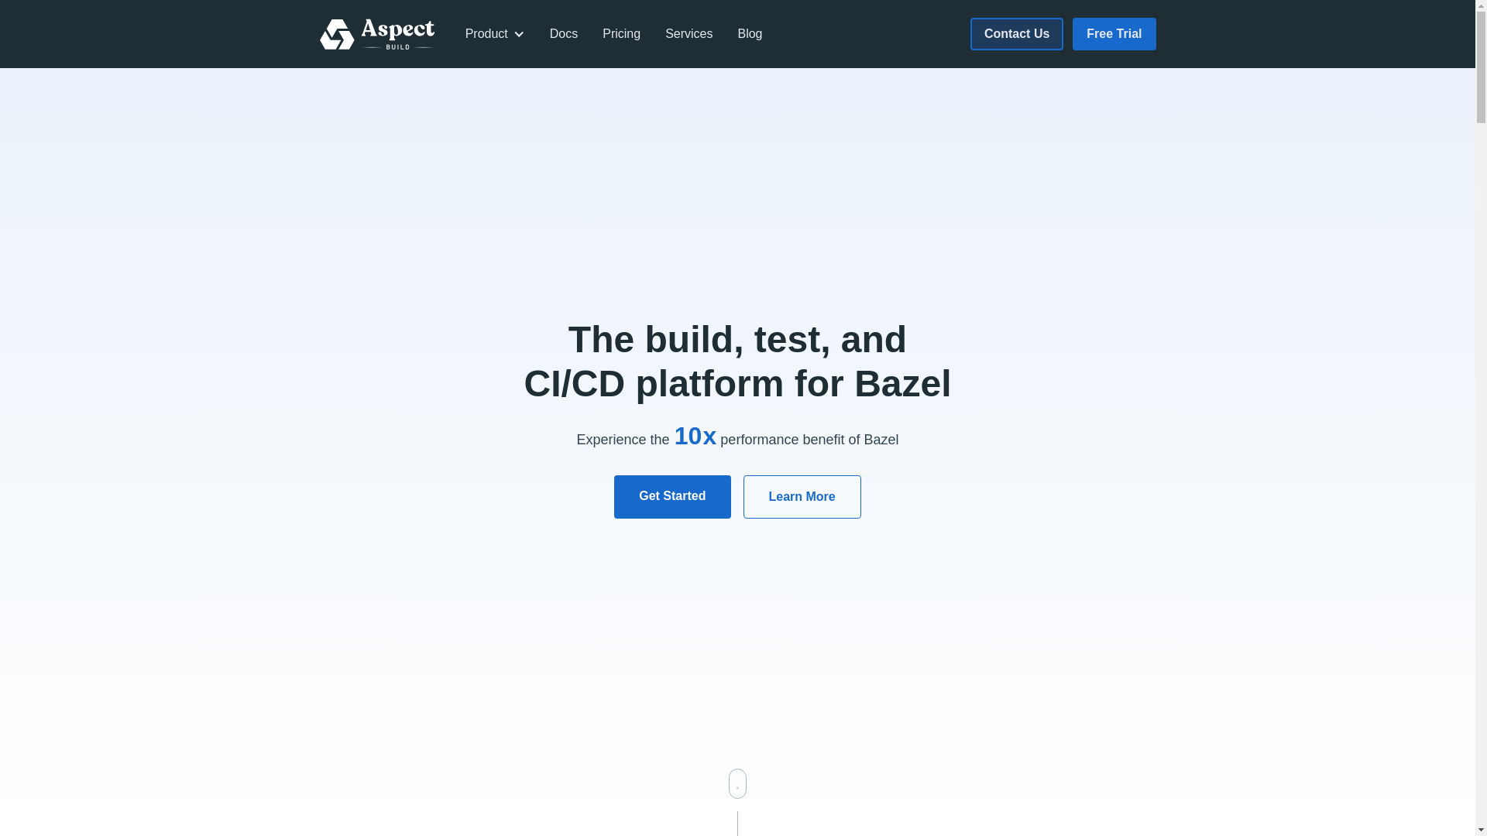  I want to click on 'Docs', so click(563, 33).